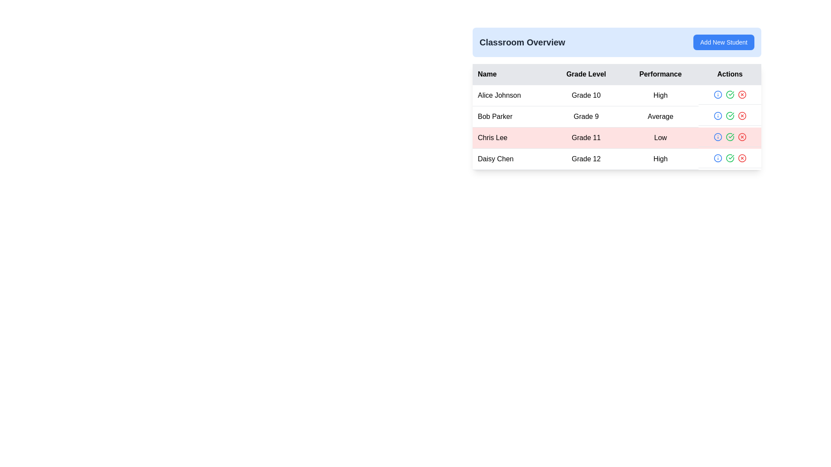  What do you see at coordinates (718, 136) in the screenshot?
I see `the first action button in the 'Actions' column for 'Chris Lee'` at bounding box center [718, 136].